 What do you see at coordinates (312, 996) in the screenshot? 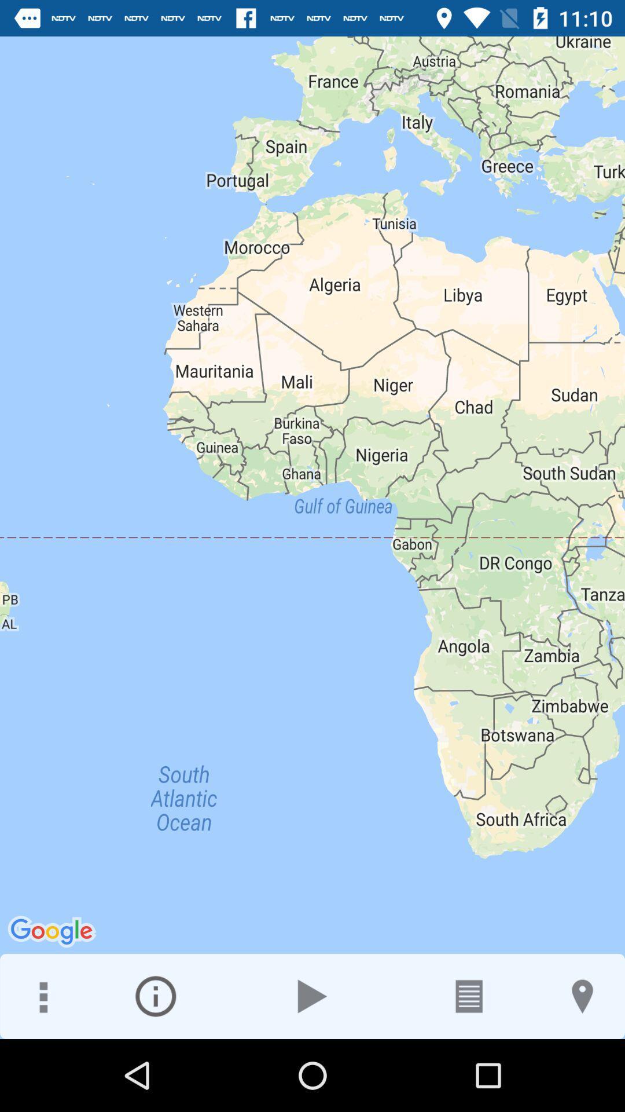
I see `the play icon` at bounding box center [312, 996].